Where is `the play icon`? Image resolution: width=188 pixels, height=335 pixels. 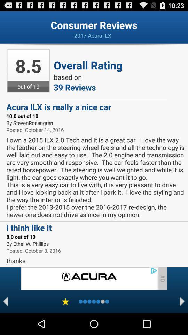
the play icon is located at coordinates (182, 322).